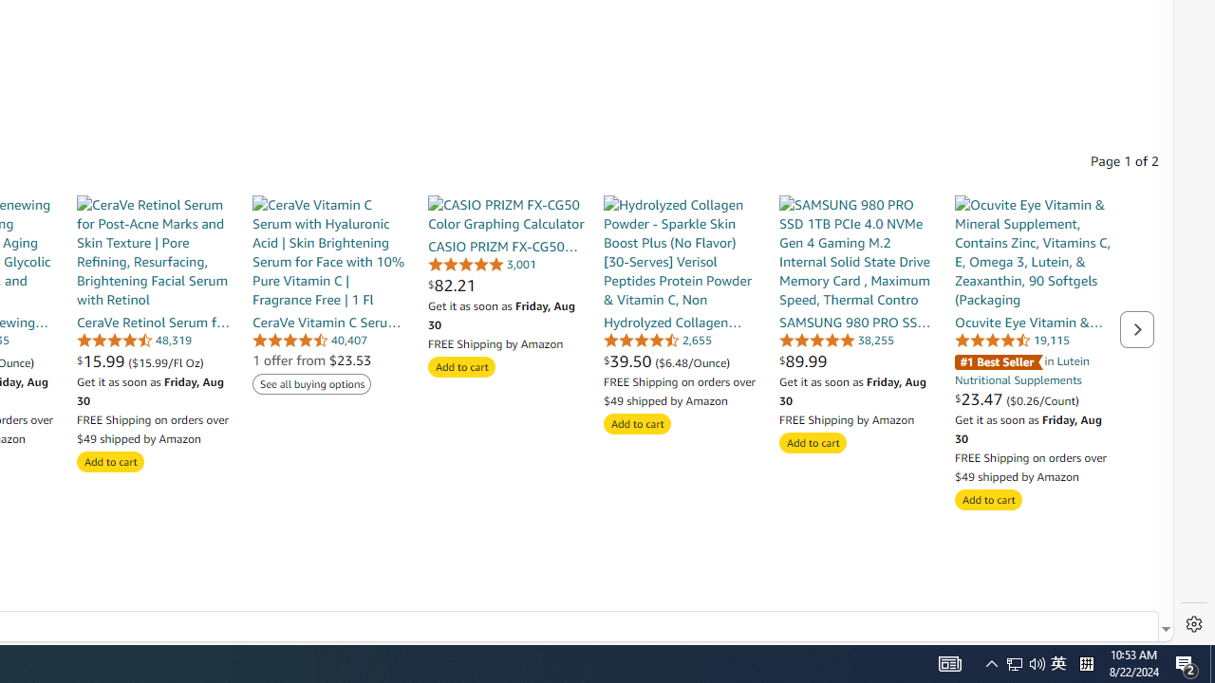 The height and width of the screenshot is (683, 1215). Describe the element at coordinates (311, 360) in the screenshot. I see `'1 offer from $23.53'` at that location.